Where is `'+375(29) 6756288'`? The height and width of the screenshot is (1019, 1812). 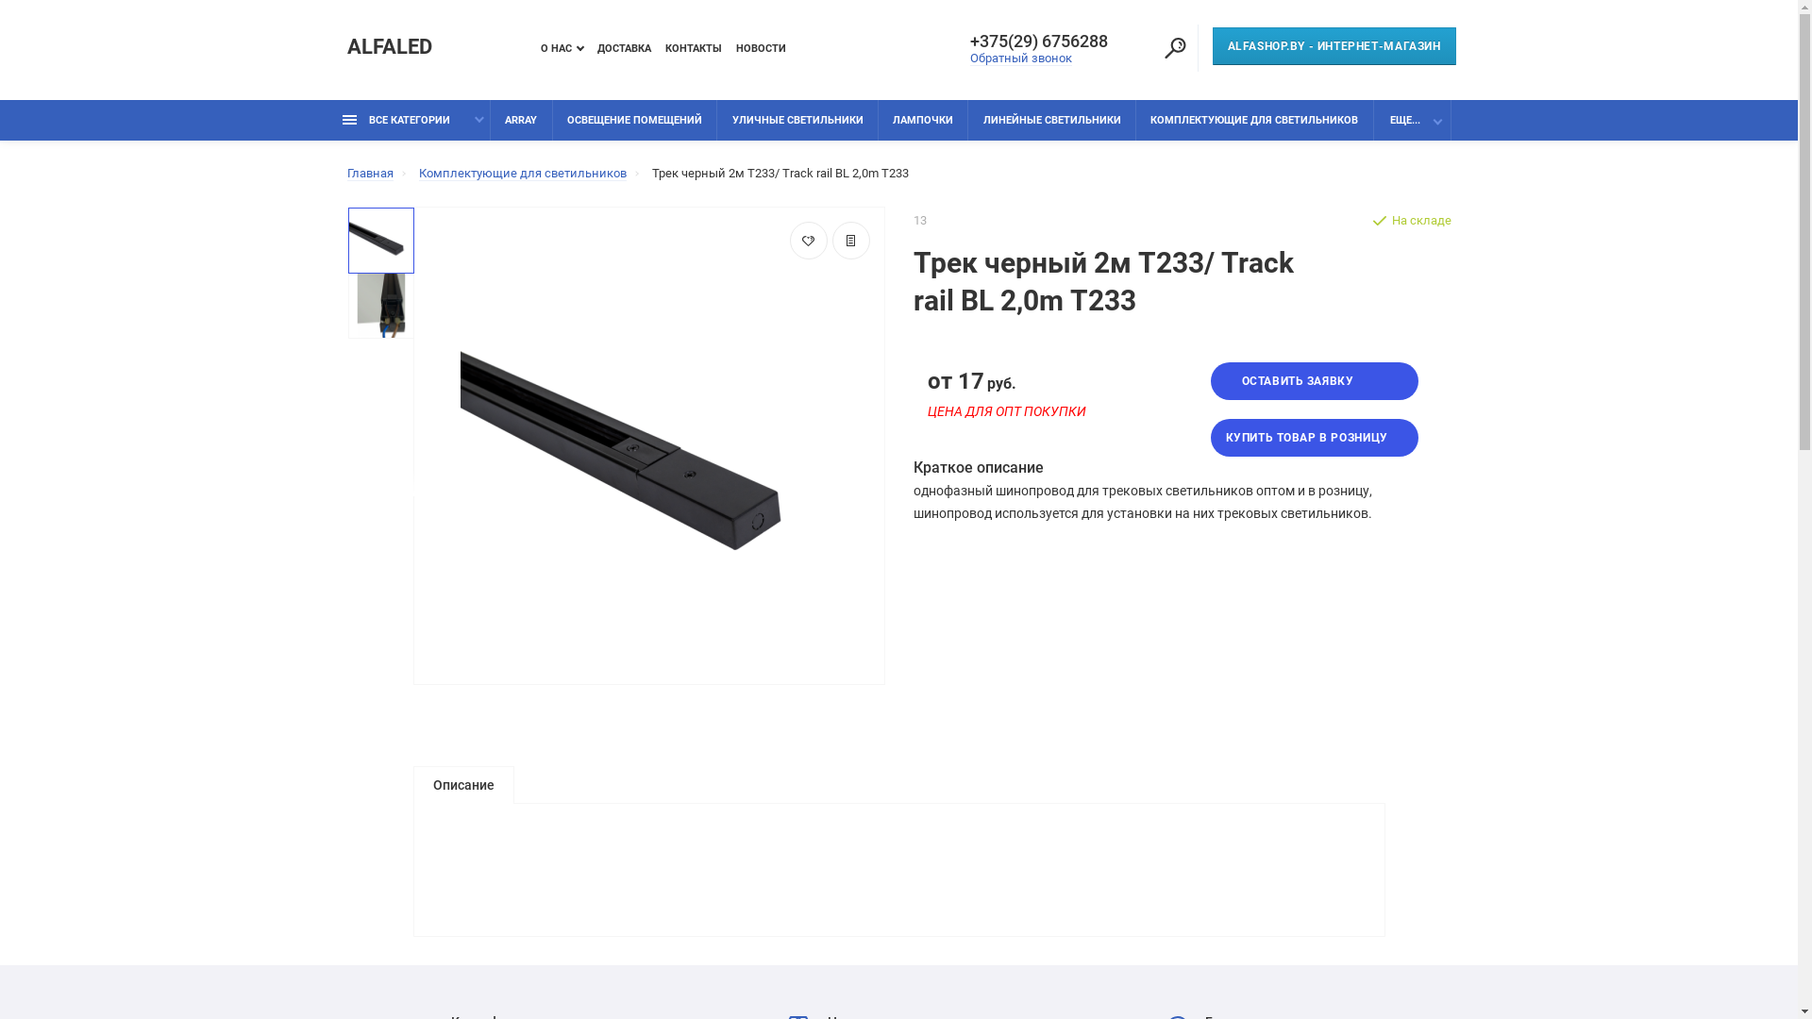 '+375(29) 6756288' is located at coordinates (1045, 41).